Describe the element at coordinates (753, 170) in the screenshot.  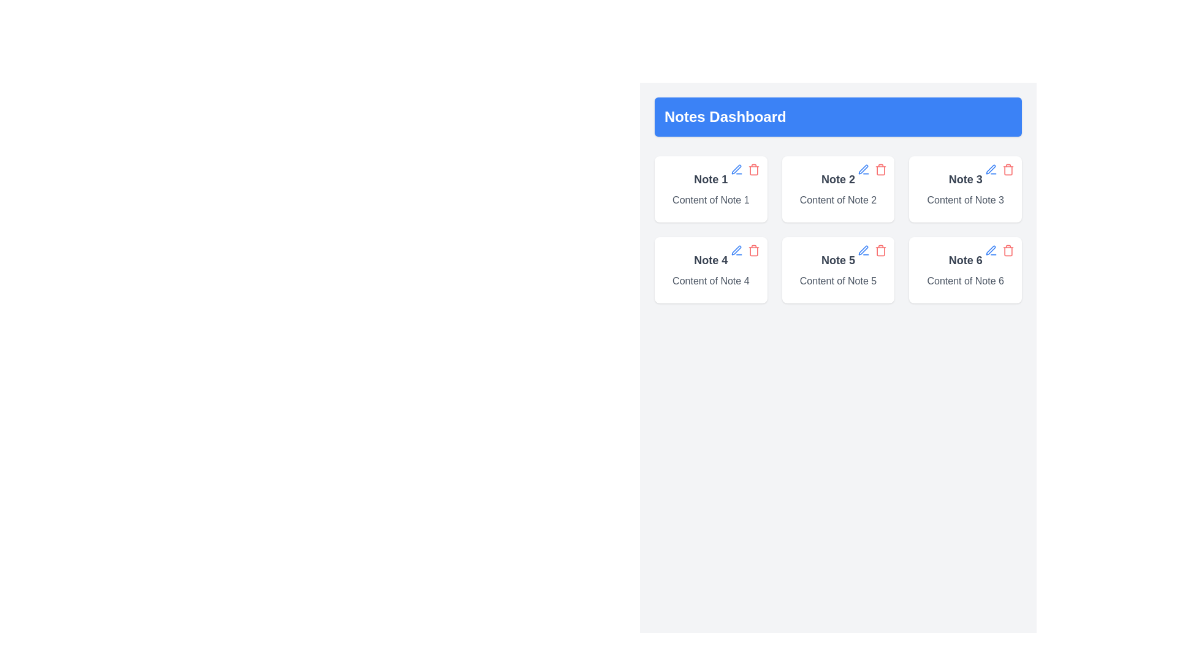
I see `the trashcan body icon, which is the second subcomponent of the trash icon used for deleting 'Note 1' in the top-left grid cell of the Notes Dashboard` at that location.